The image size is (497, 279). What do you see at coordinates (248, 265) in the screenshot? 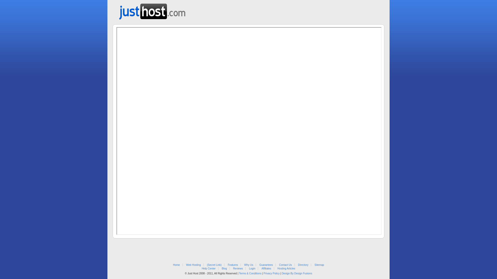
I see `'Why Us'` at bounding box center [248, 265].